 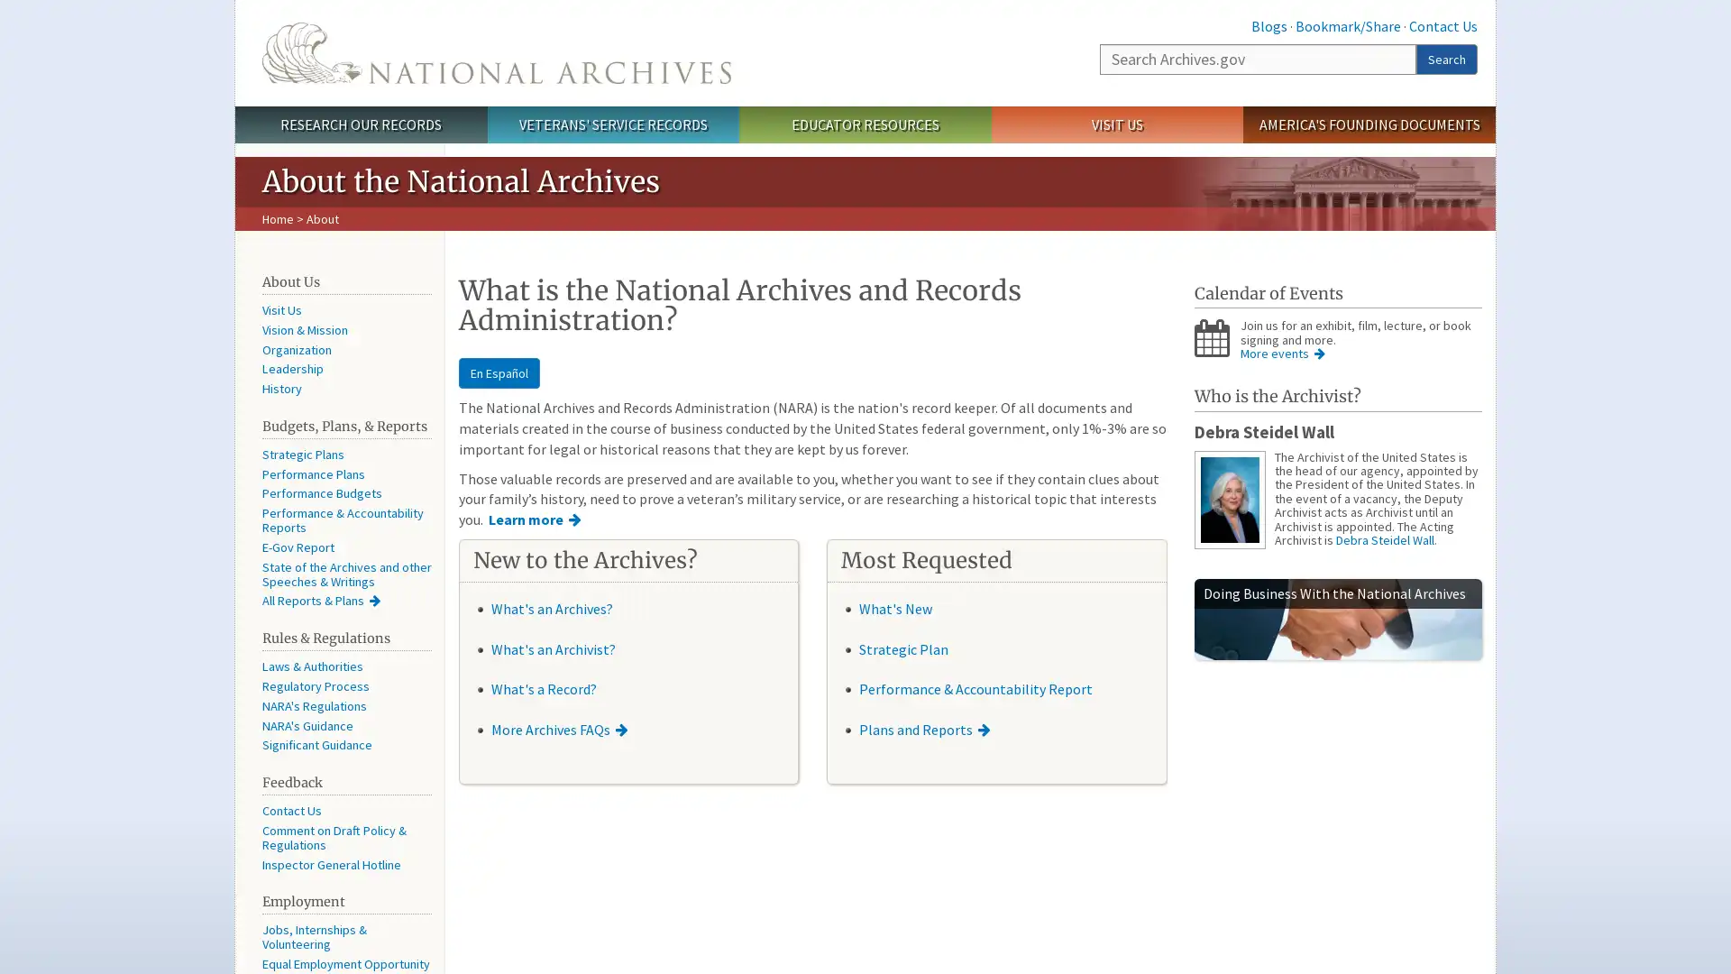 I want to click on Search, so click(x=1446, y=58).